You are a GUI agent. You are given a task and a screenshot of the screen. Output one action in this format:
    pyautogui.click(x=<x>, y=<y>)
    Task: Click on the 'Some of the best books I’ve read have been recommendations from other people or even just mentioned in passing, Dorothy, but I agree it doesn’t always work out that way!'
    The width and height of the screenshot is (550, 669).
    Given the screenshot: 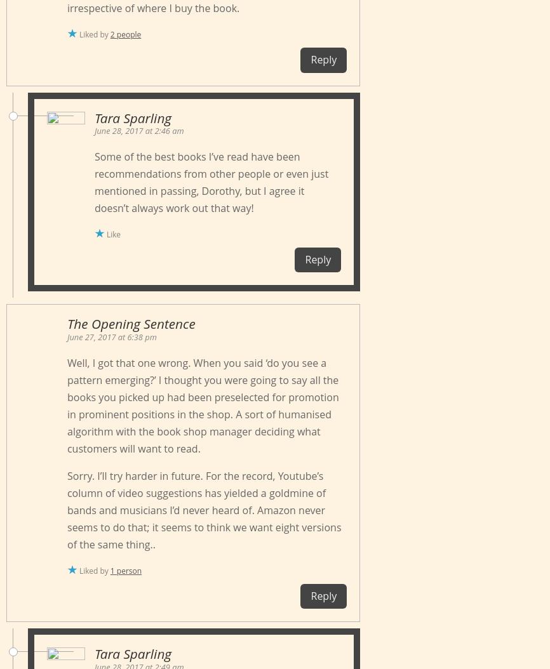 What is the action you would take?
    pyautogui.click(x=210, y=182)
    